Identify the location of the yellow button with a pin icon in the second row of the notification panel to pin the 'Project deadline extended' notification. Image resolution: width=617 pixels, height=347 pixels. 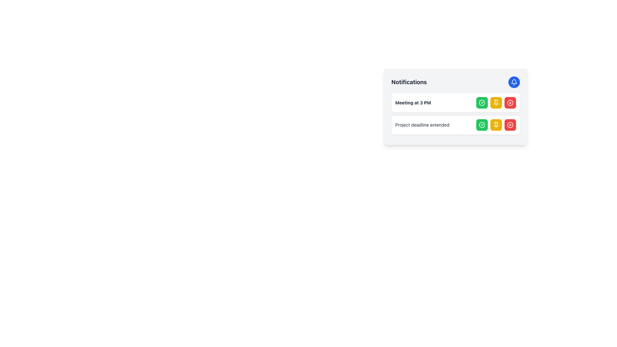
(496, 125).